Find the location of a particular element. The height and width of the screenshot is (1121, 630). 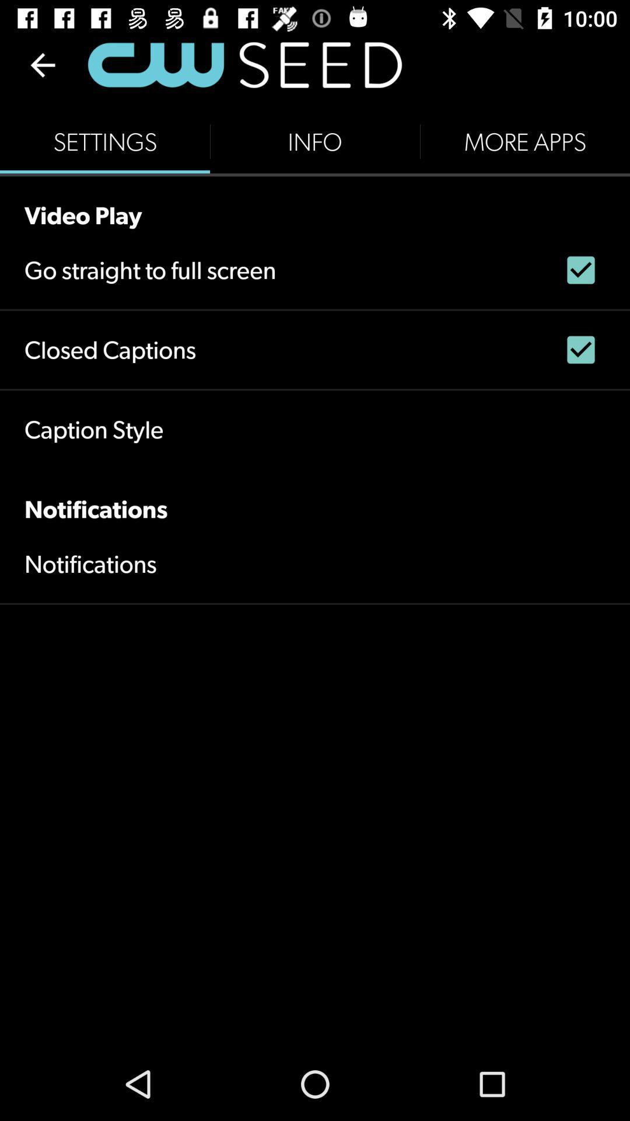

more apps is located at coordinates (524, 141).